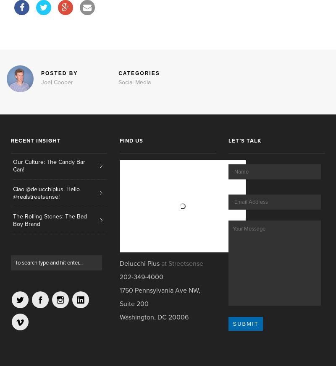 This screenshot has width=336, height=366. Describe the element at coordinates (159, 296) in the screenshot. I see `'1750 Pennsylvania Ave NW, Suite 200'` at that location.